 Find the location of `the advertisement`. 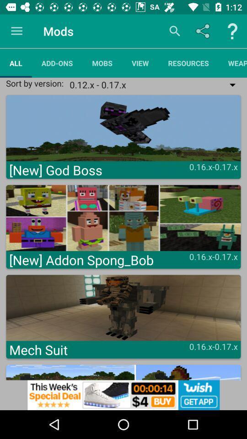

the advertisement is located at coordinates (123, 395).